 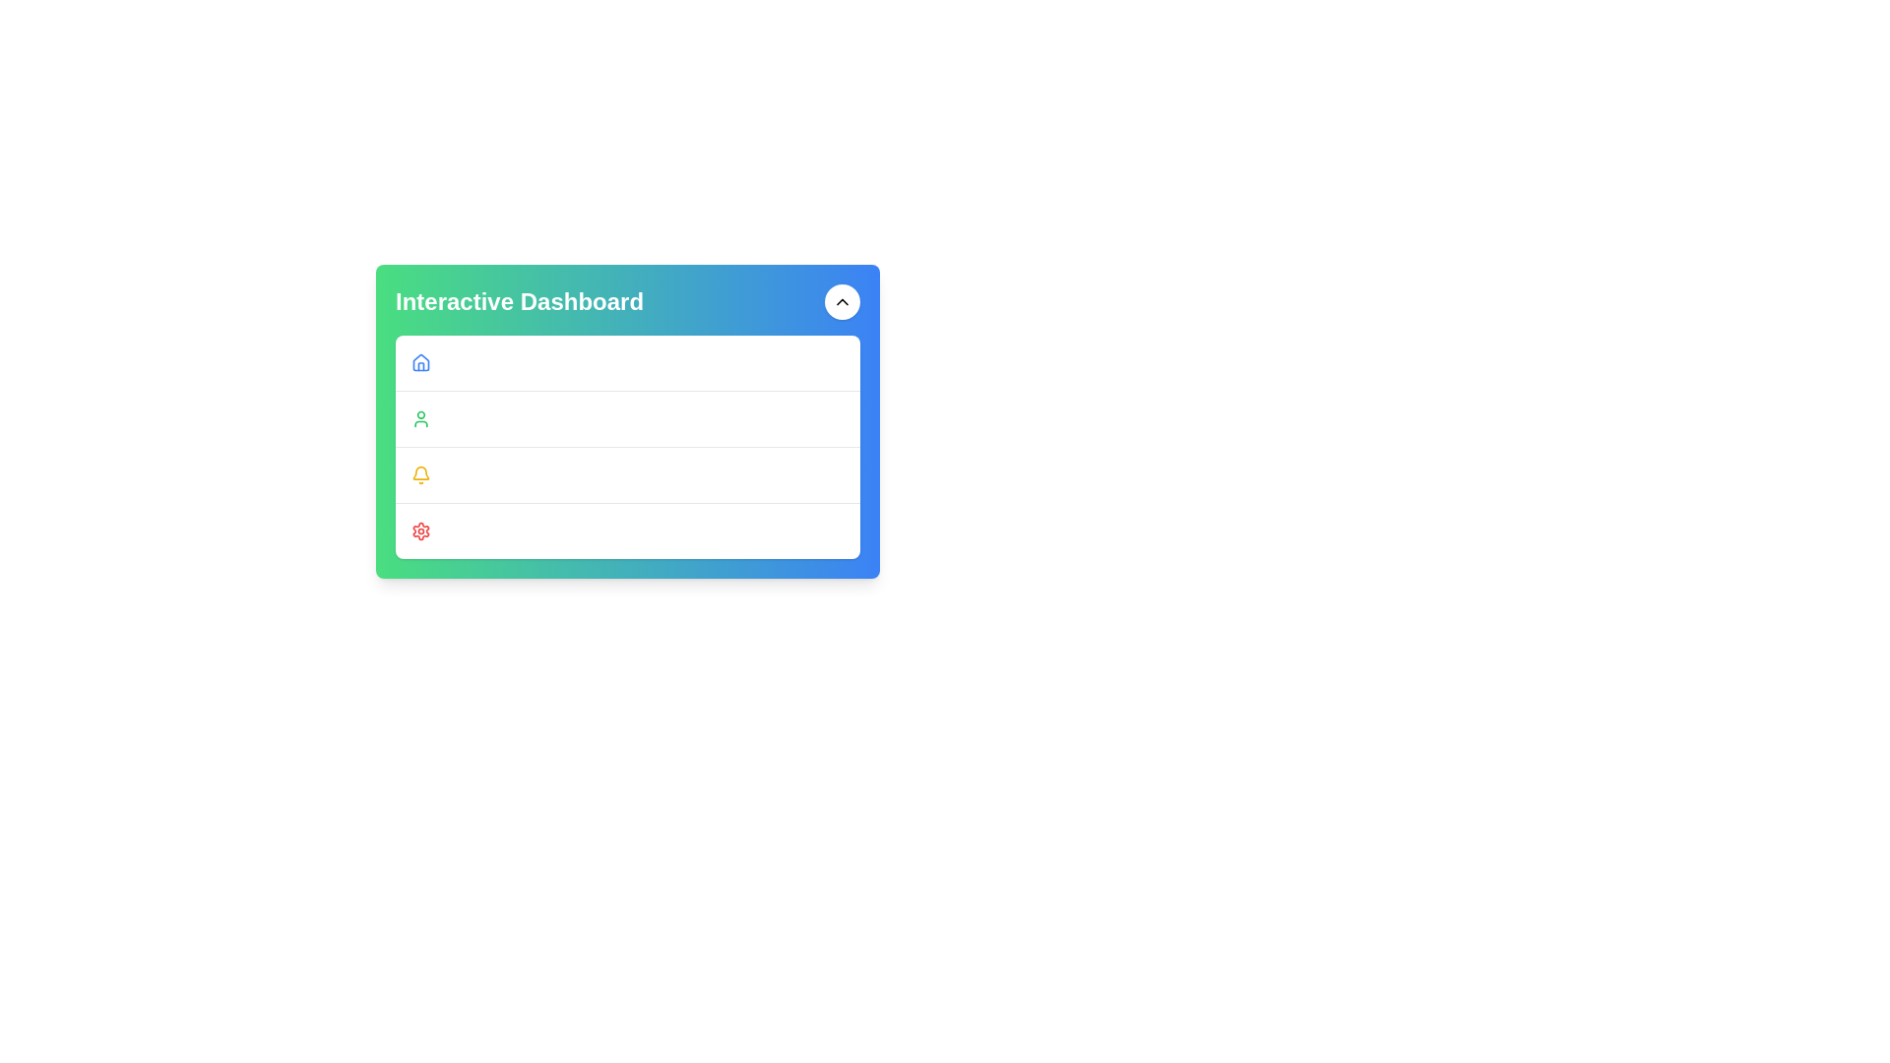 I want to click on the third item in the vertical list of options that serves as a navigation or selection option for accessing notification-related features, so click(x=627, y=474).